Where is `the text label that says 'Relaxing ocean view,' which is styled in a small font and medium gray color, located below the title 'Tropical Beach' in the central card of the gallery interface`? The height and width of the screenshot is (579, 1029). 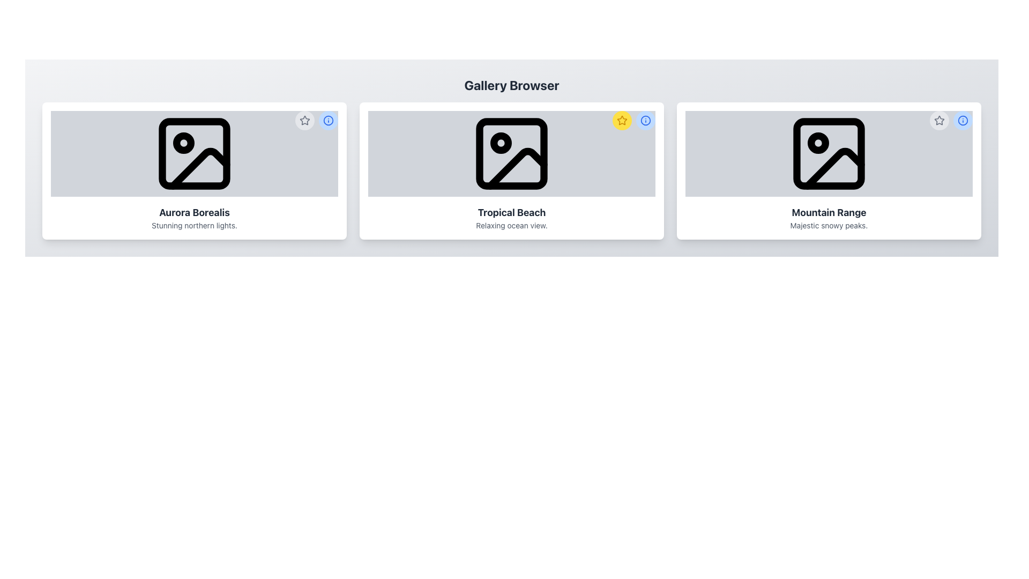 the text label that says 'Relaxing ocean view,' which is styled in a small font and medium gray color, located below the title 'Tropical Beach' in the central card of the gallery interface is located at coordinates (511, 225).